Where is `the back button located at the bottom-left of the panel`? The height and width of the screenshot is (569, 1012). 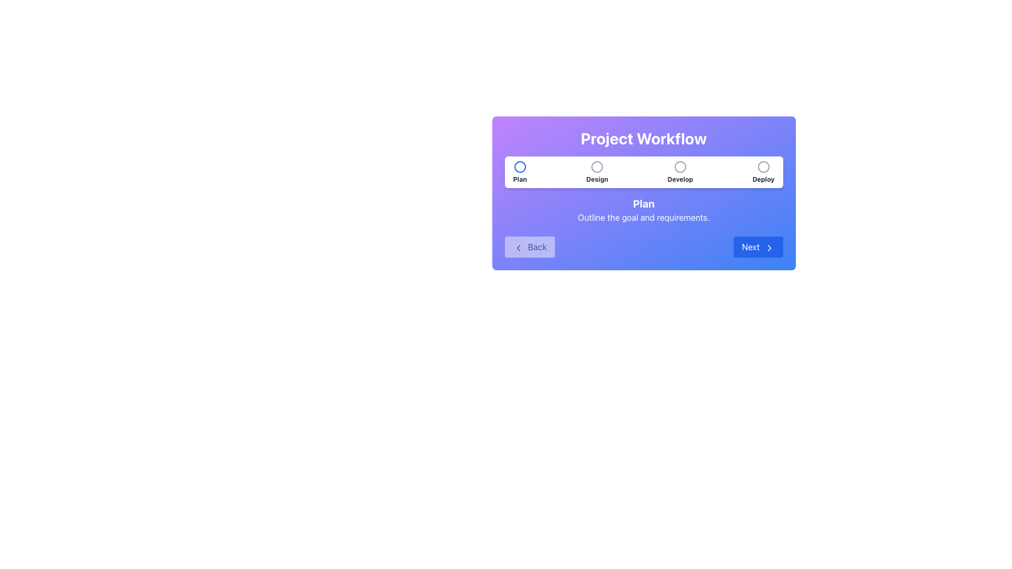 the back button located at the bottom-left of the panel is located at coordinates (530, 247).